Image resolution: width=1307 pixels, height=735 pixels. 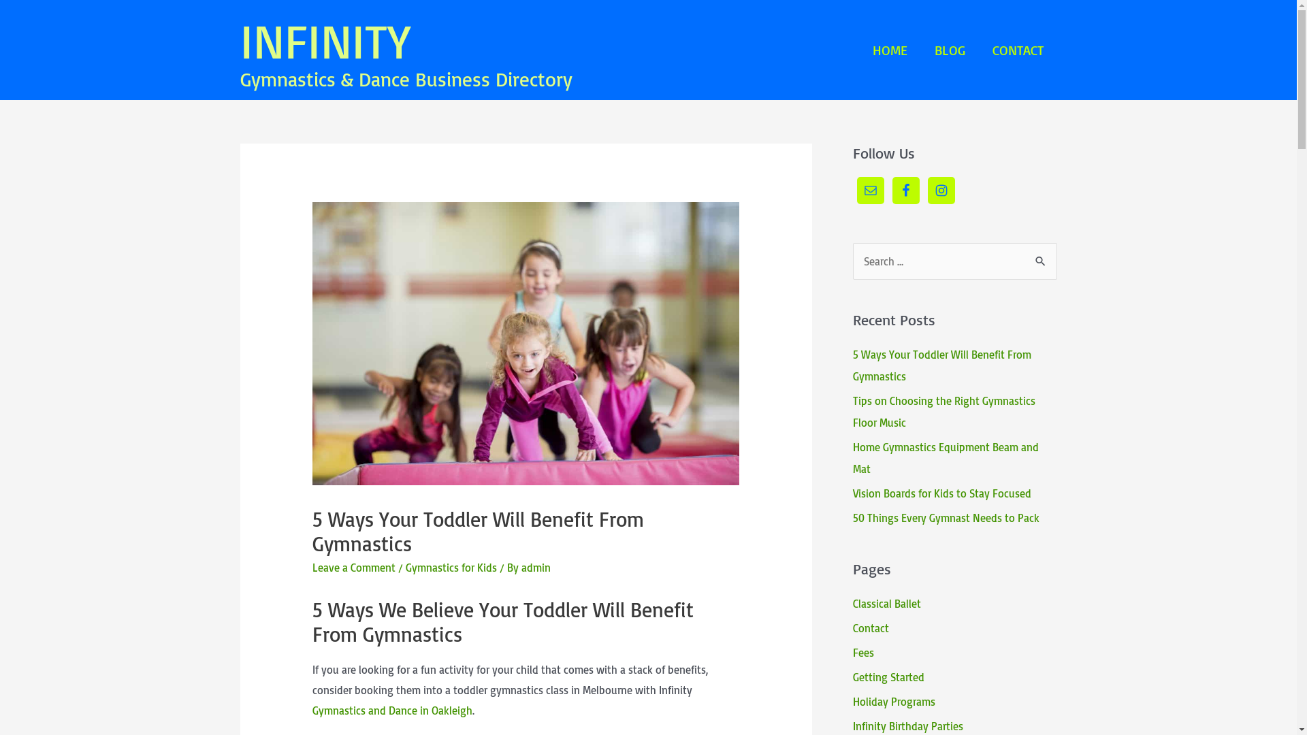 What do you see at coordinates (862, 652) in the screenshot?
I see `'Fees'` at bounding box center [862, 652].